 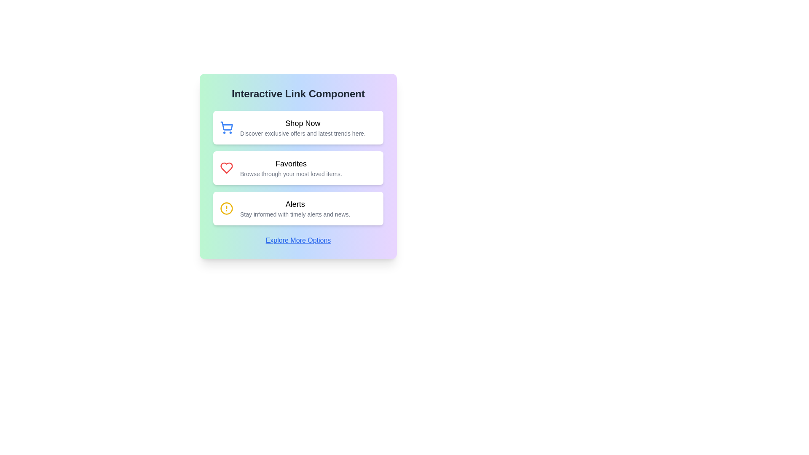 What do you see at coordinates (298, 128) in the screenshot?
I see `the navigational button at the top of the vertical stack of interactive options, which redirects` at bounding box center [298, 128].